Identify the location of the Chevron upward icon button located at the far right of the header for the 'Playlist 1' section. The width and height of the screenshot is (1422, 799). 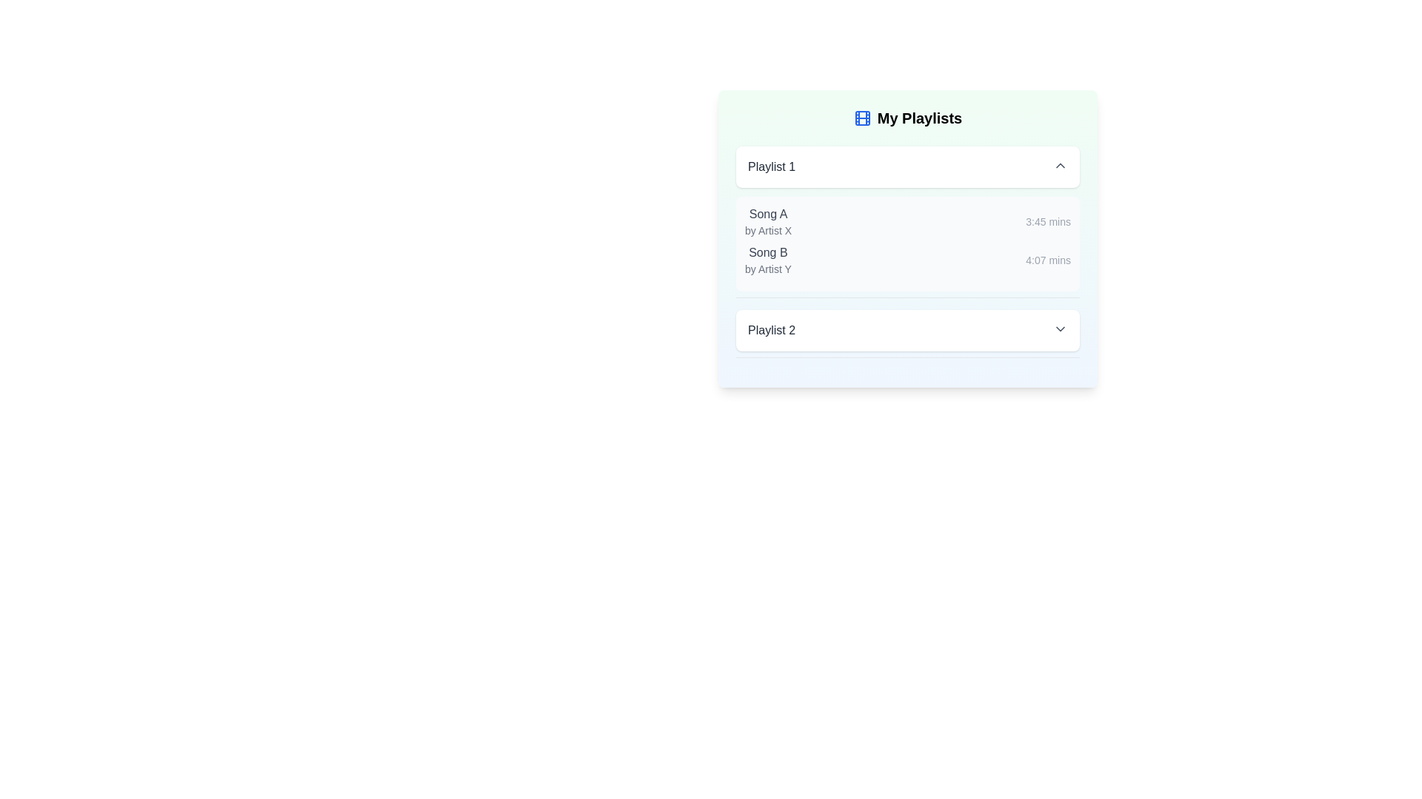
(1059, 165).